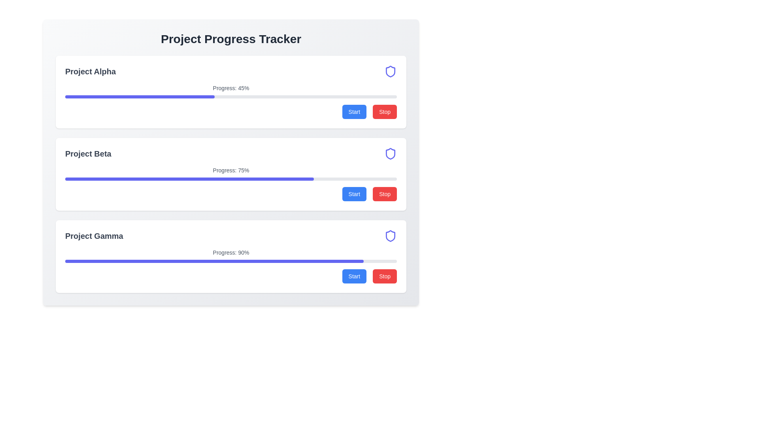 Image resolution: width=759 pixels, height=427 pixels. What do you see at coordinates (94, 236) in the screenshot?
I see `the header element labeled 'Project Gamma' for accessibility purposes` at bounding box center [94, 236].